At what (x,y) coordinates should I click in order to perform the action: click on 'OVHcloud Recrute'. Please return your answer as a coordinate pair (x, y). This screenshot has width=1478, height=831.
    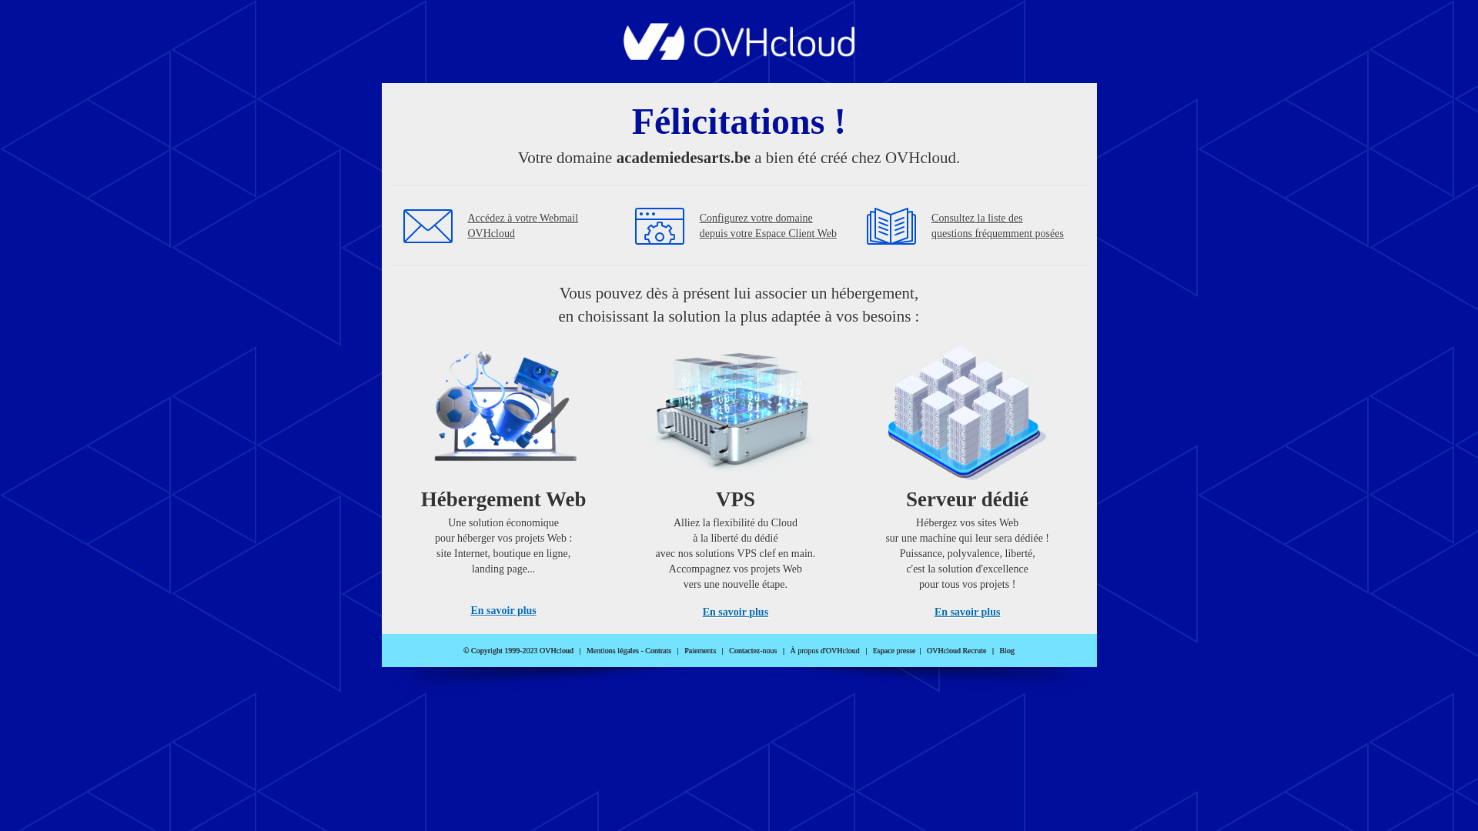
    Looking at the image, I should click on (955, 650).